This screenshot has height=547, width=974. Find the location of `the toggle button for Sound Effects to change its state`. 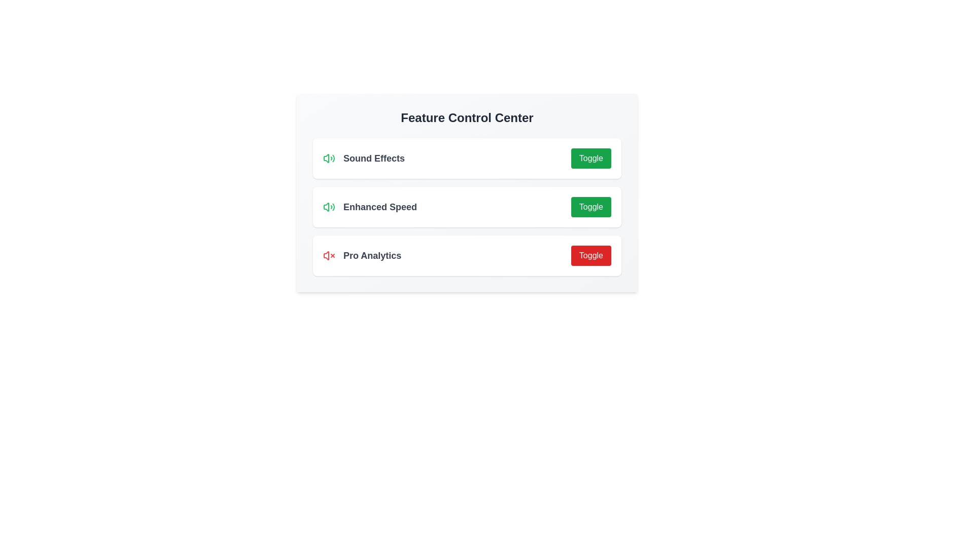

the toggle button for Sound Effects to change its state is located at coordinates (591, 158).